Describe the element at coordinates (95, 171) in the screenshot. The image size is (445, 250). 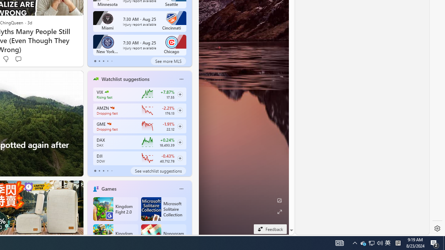
I see `'tab-0'` at that location.